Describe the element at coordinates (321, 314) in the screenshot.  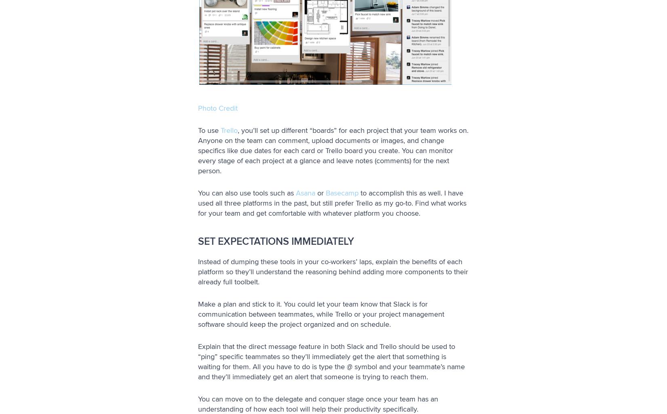
I see `'Make a plan and stick to it. You could let your team know that Slack is for communication between teammates, while Trello or your project management software should keep the project organized and on schedule.'` at that location.